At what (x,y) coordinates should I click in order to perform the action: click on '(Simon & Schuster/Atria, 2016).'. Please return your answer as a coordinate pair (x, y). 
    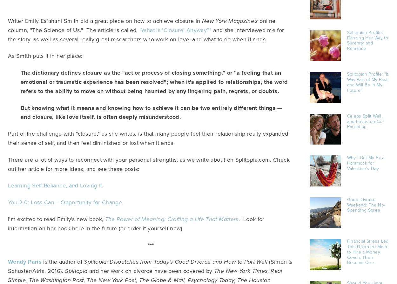
    Looking at the image, I should click on (150, 266).